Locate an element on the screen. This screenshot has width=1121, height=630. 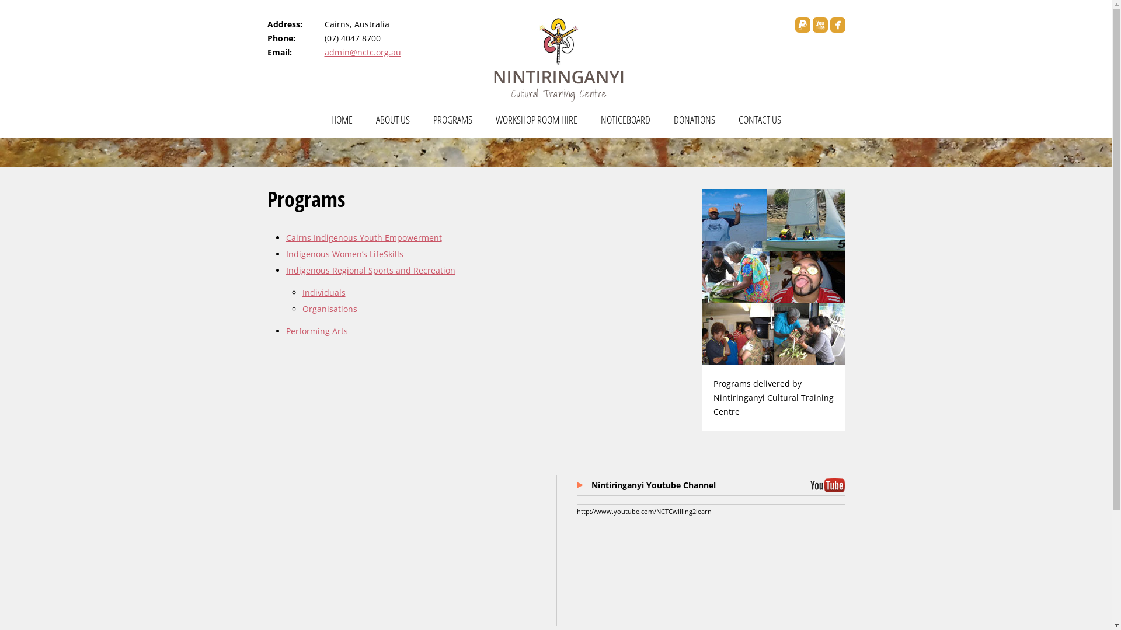
'NOTICEBOARD' is located at coordinates (625, 124).